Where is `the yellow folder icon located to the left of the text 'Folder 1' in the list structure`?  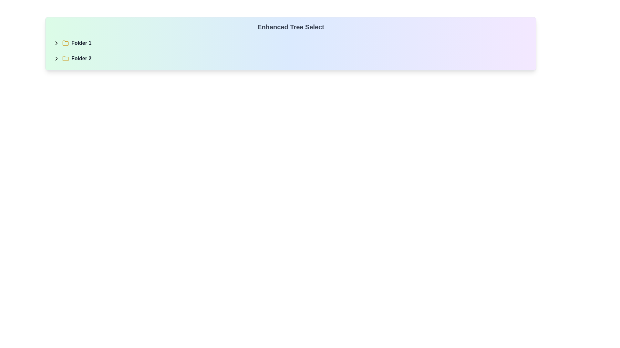
the yellow folder icon located to the left of the text 'Folder 1' in the list structure is located at coordinates (65, 43).